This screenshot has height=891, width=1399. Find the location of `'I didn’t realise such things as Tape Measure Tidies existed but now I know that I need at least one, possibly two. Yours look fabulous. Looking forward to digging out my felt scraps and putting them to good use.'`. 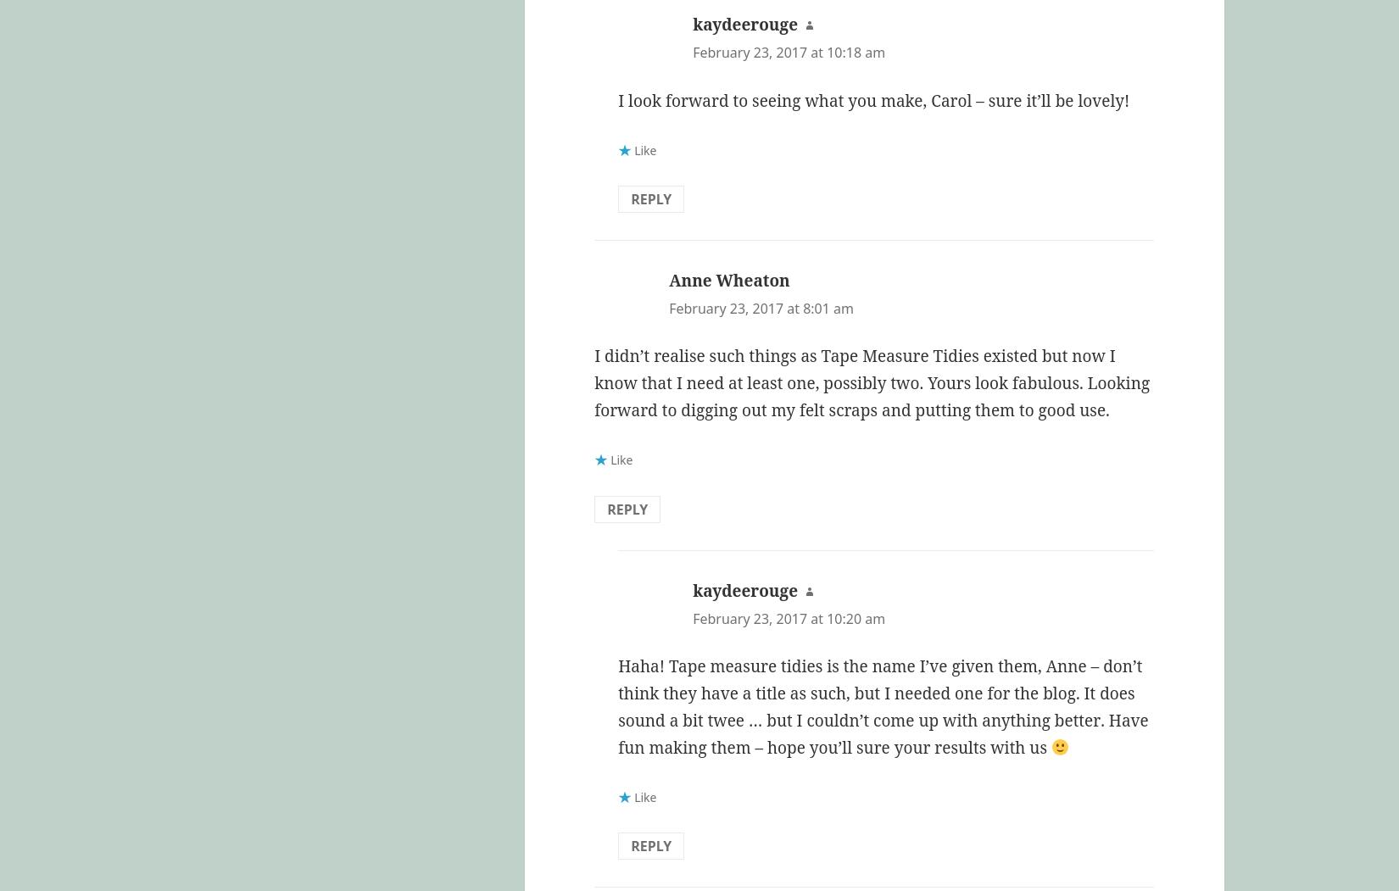

'I didn’t realise such things as Tape Measure Tidies existed but now I know that I need at least one, possibly two. Yours look fabulous. Looking forward to digging out my felt scraps and putting them to good use.' is located at coordinates (872, 382).